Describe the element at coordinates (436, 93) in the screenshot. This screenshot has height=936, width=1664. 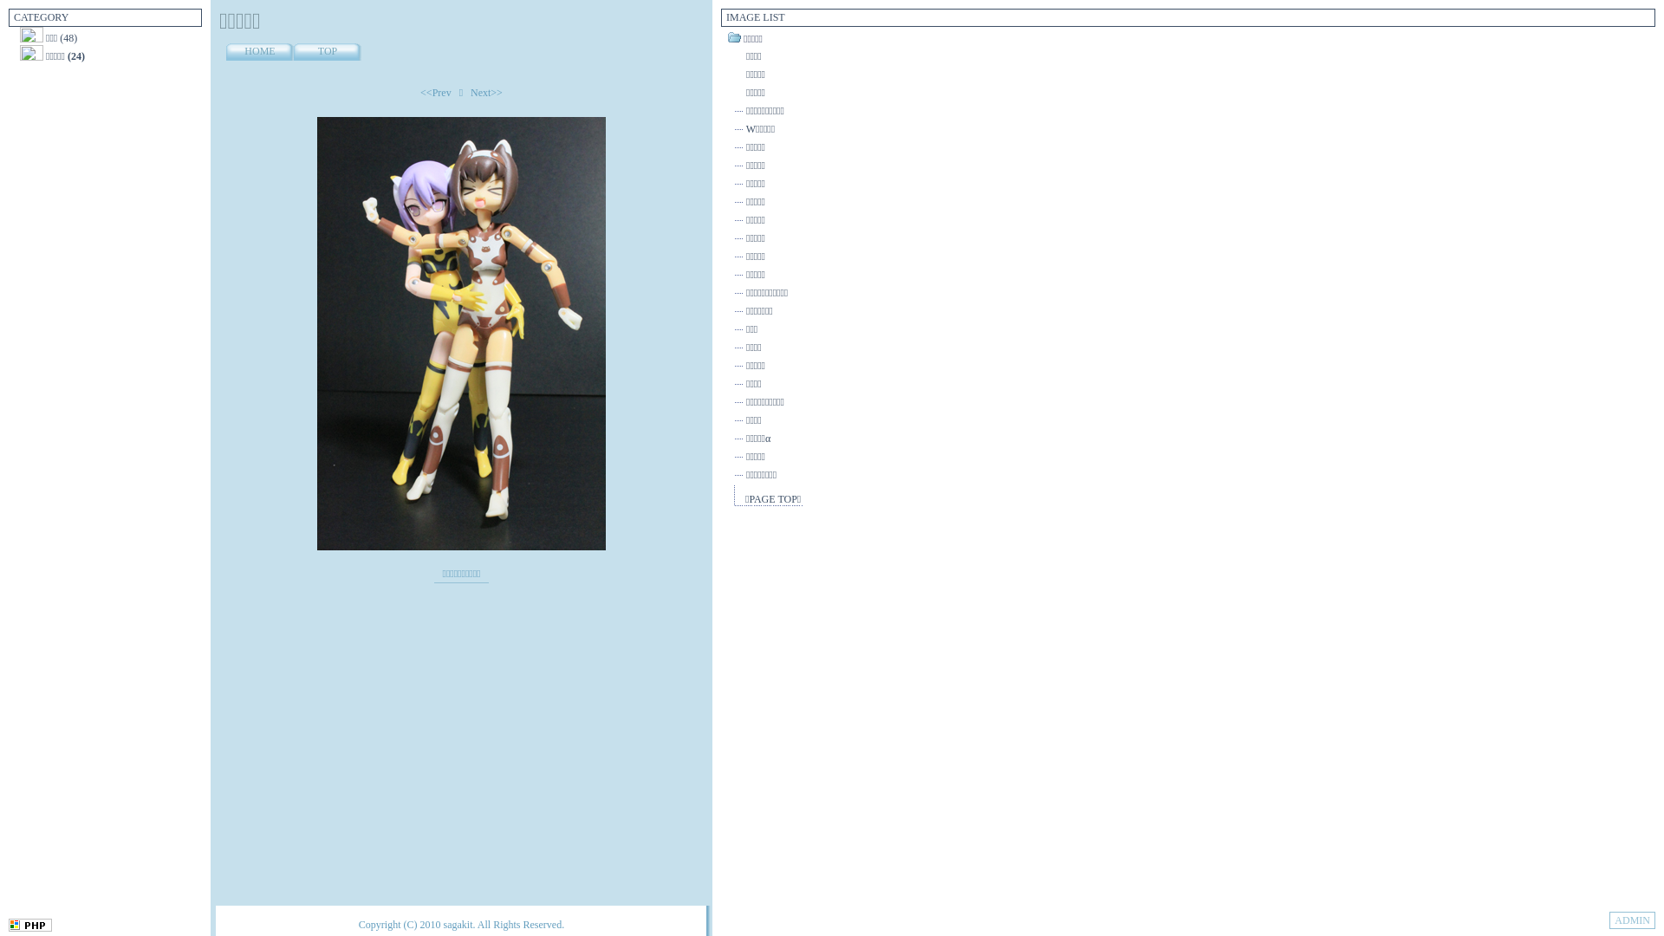
I see `'<<Prev'` at that location.